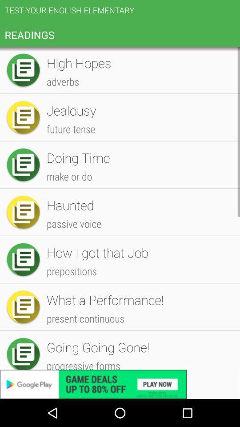 The height and width of the screenshot is (427, 240). What do you see at coordinates (139, 242) in the screenshot?
I see `millionaire icon` at bounding box center [139, 242].